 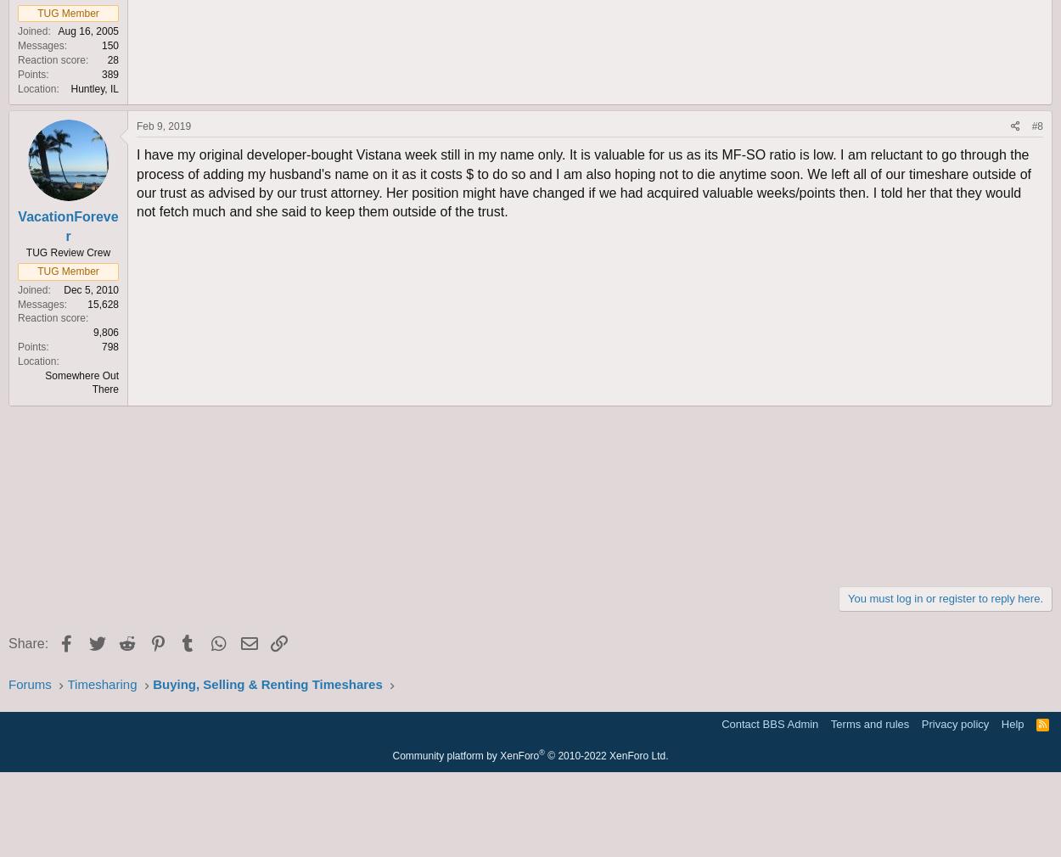 What do you see at coordinates (109, 72) in the screenshot?
I see `'389'` at bounding box center [109, 72].